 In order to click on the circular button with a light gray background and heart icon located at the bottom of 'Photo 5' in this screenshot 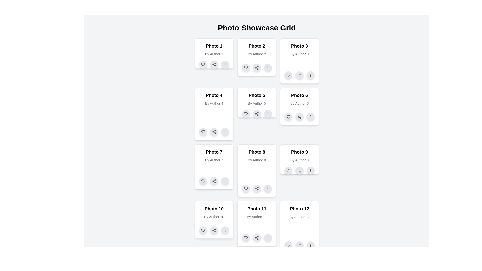, I will do `click(246, 114)`.